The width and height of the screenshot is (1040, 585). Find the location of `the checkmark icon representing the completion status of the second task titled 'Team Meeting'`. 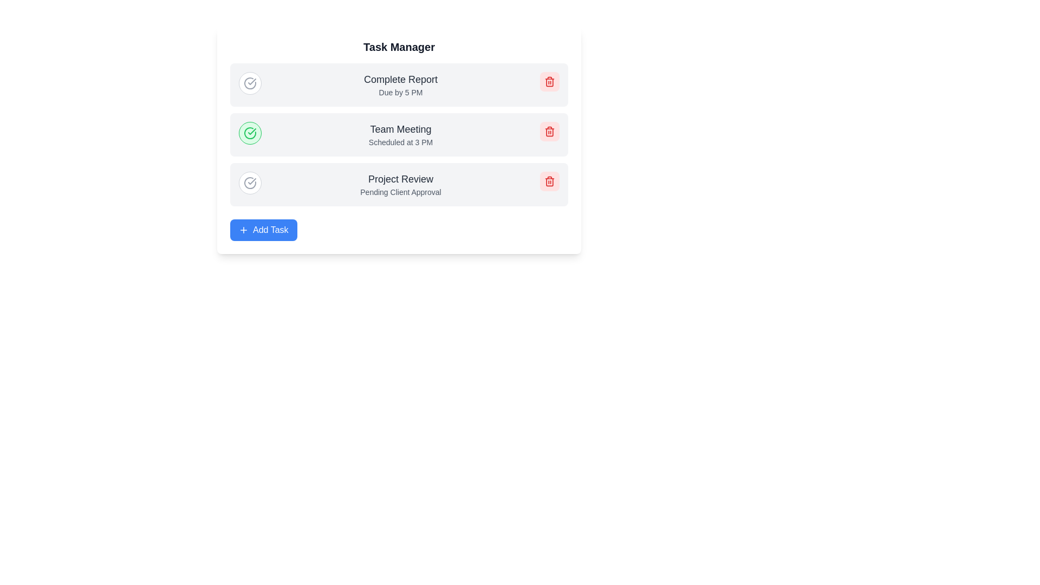

the checkmark icon representing the completion status of the second task titled 'Team Meeting' is located at coordinates (251, 81).